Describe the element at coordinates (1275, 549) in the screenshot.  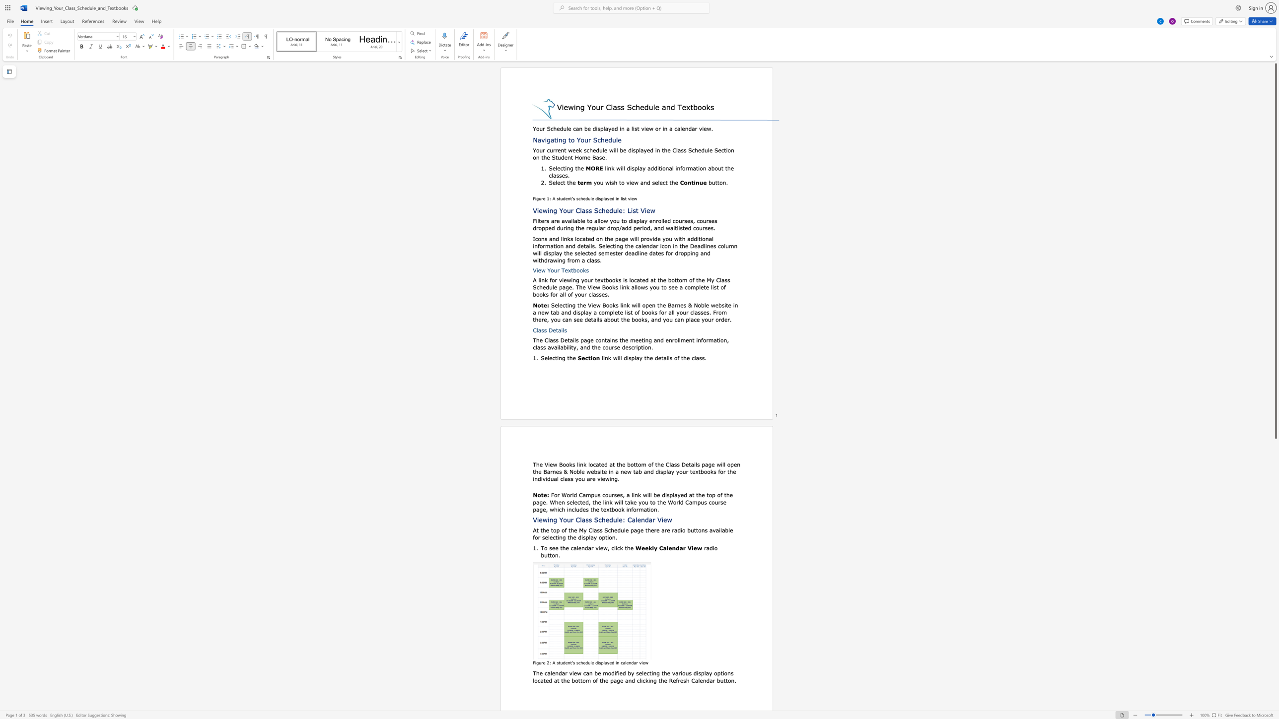
I see `the side scrollbar to bring the page down` at that location.